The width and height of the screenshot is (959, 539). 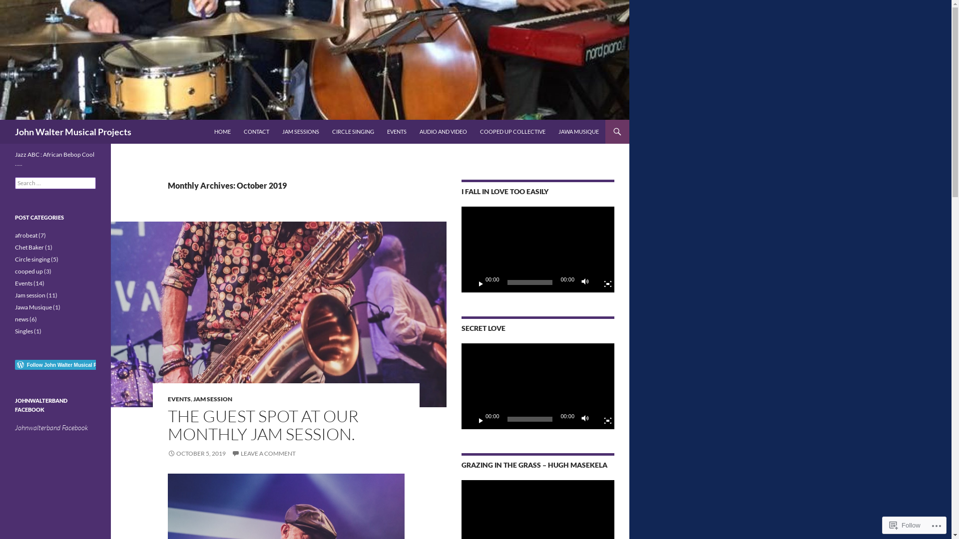 What do you see at coordinates (14, 427) in the screenshot?
I see `'Johnwalterband Facebook'` at bounding box center [14, 427].